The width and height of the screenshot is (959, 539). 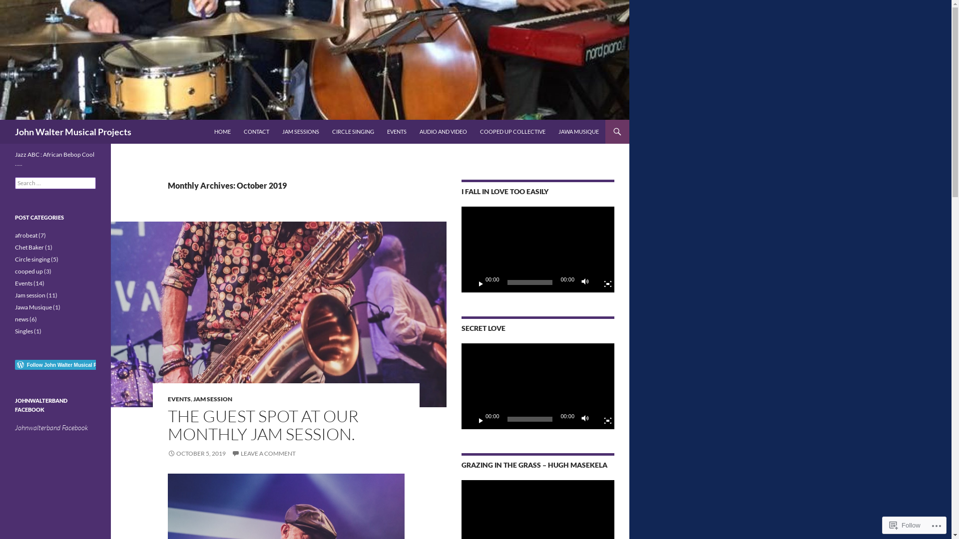 What do you see at coordinates (14, 427) in the screenshot?
I see `'Johnwalterband Facebook'` at bounding box center [14, 427].